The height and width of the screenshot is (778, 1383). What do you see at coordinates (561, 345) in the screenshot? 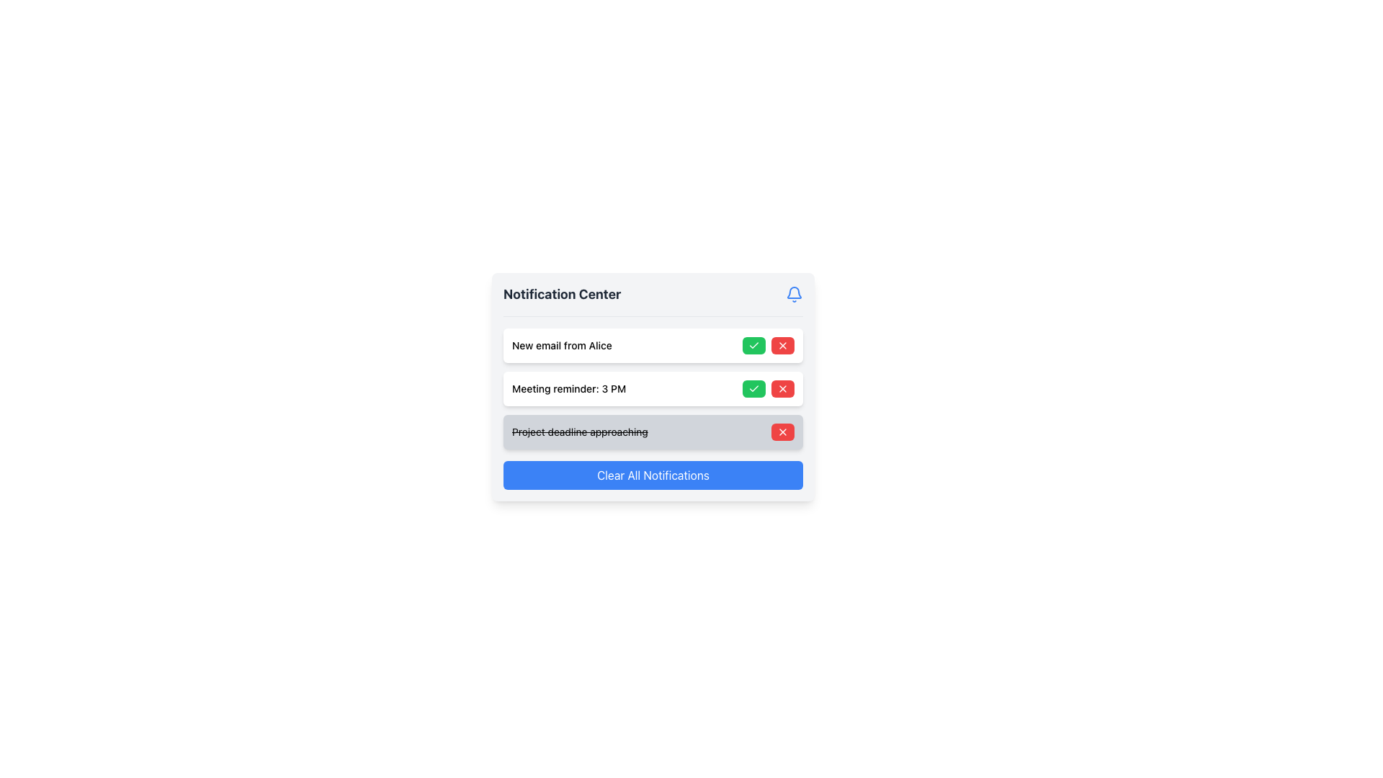
I see `the text label displaying 'New email from Alice' within the notification card` at bounding box center [561, 345].